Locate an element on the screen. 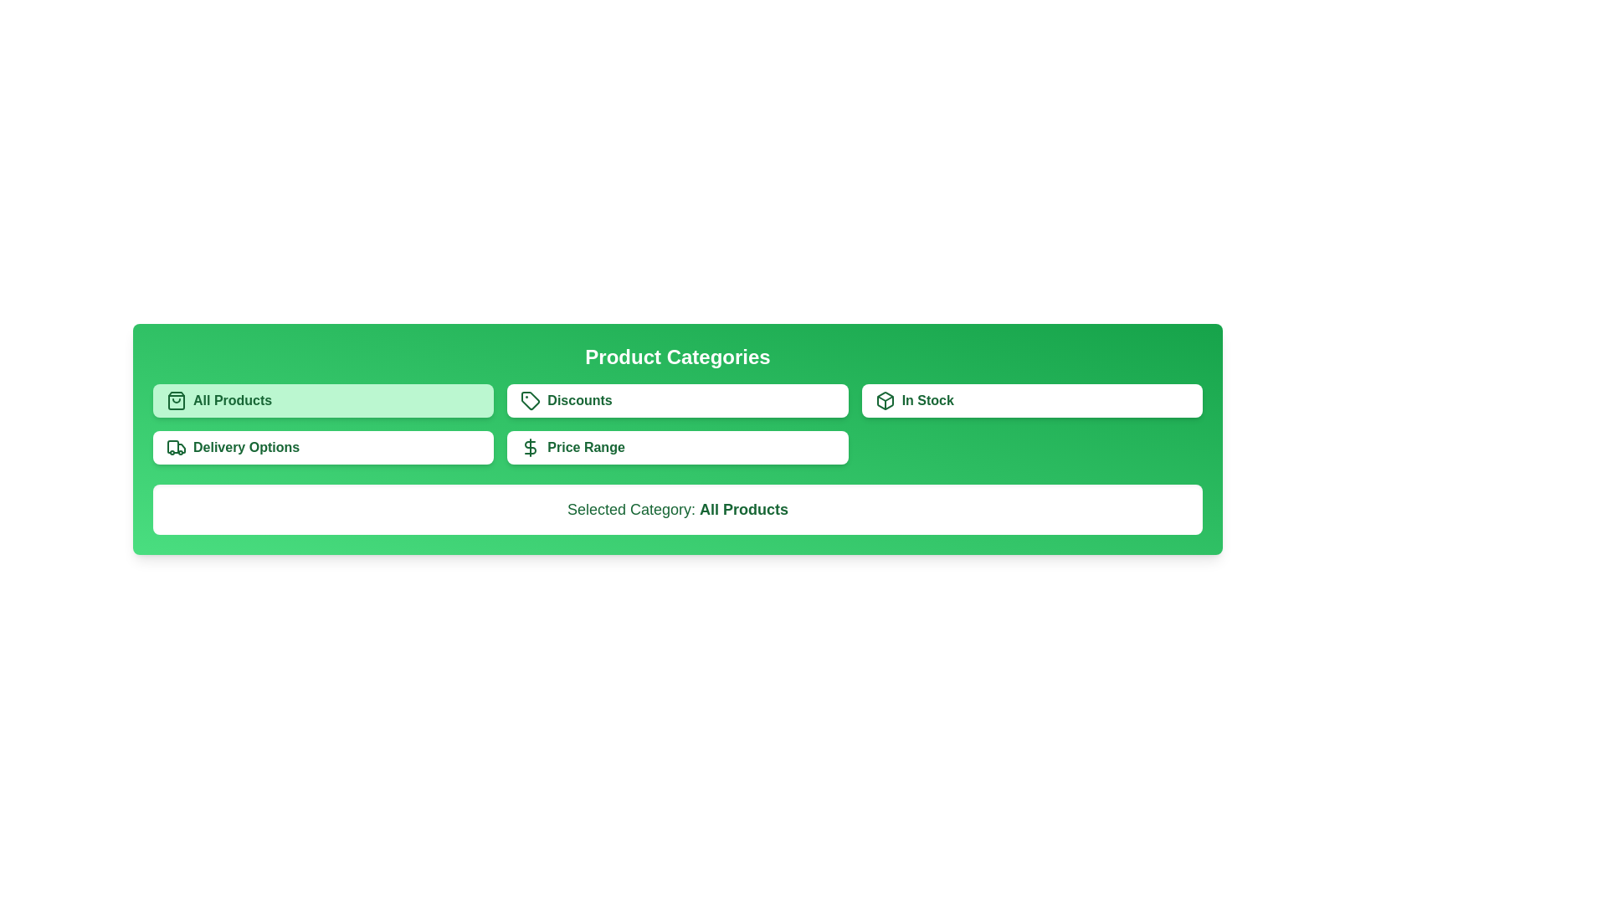 Image resolution: width=1607 pixels, height=904 pixels. the 'delivery options' icon located in the second button of the leftmost column in the 'Product Categories' section is located at coordinates (177, 447).